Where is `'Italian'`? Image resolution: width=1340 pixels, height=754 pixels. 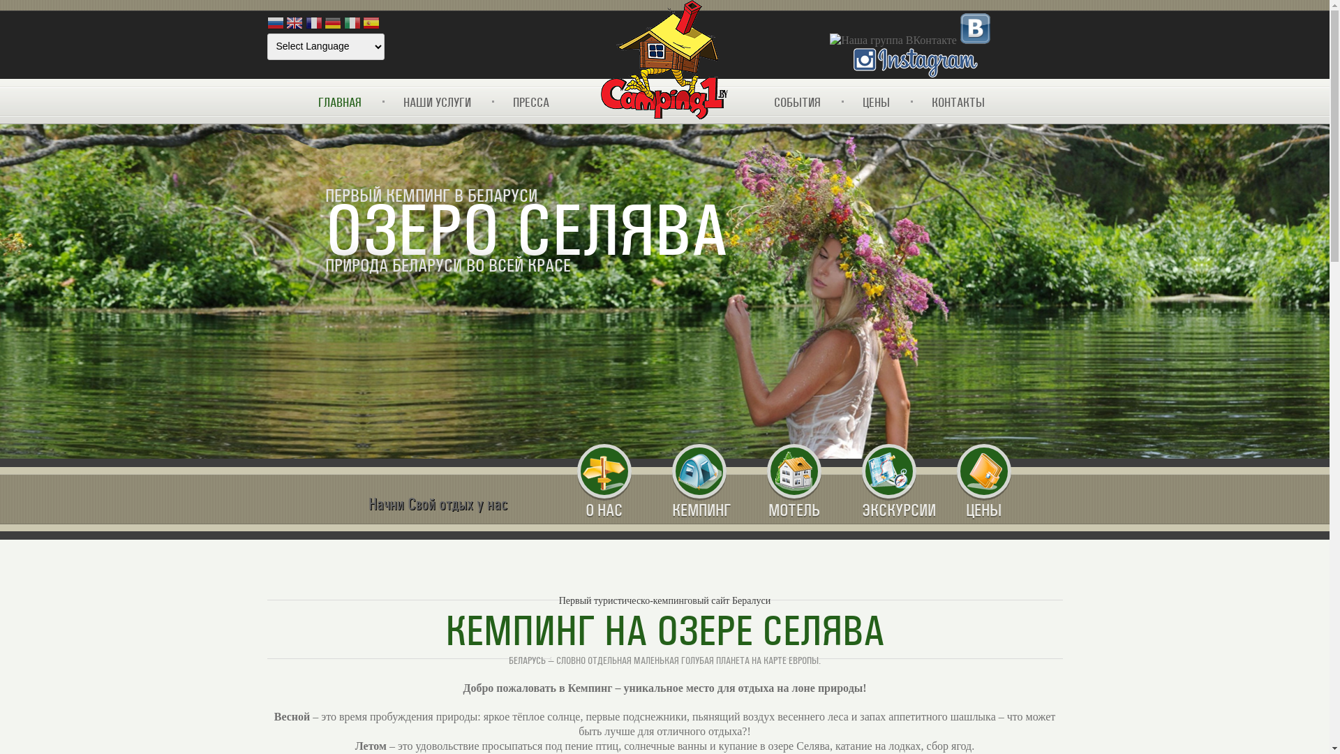
'Italian' is located at coordinates (352, 24).